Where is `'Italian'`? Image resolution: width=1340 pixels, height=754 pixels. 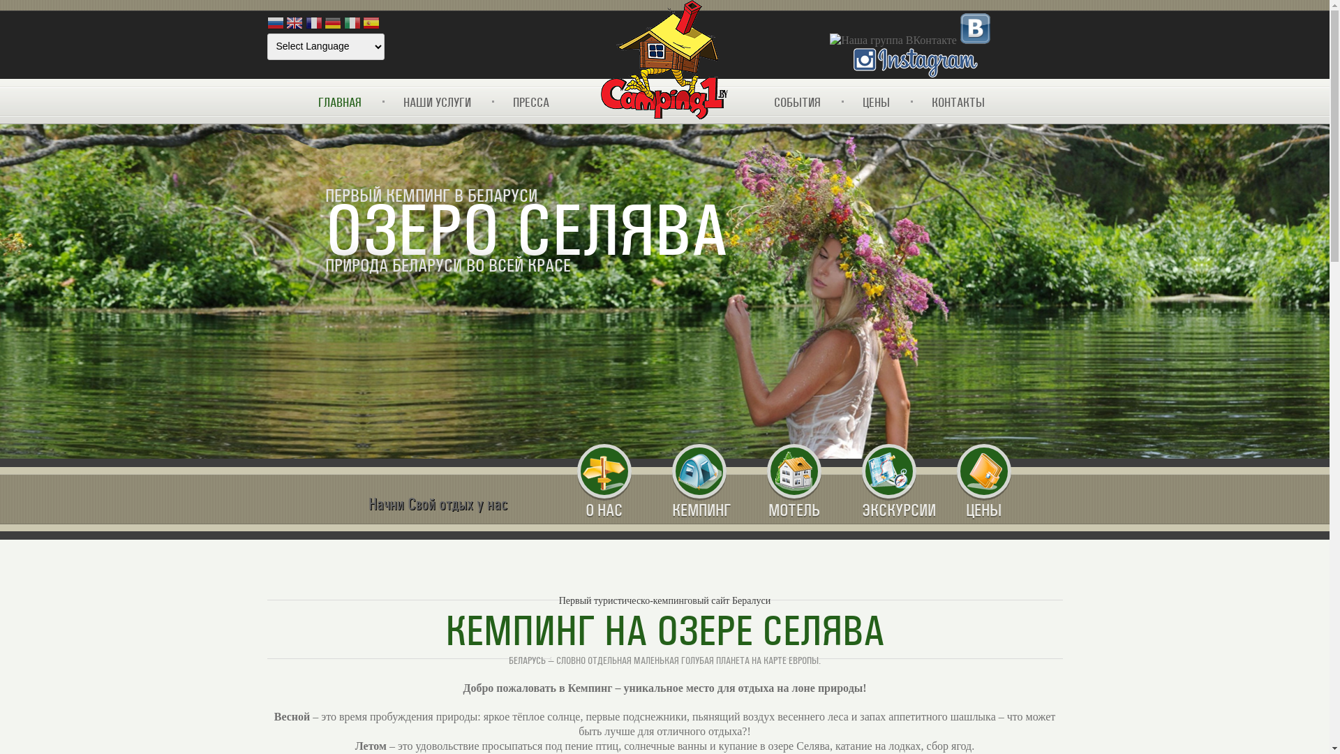
'Italian' is located at coordinates (352, 24).